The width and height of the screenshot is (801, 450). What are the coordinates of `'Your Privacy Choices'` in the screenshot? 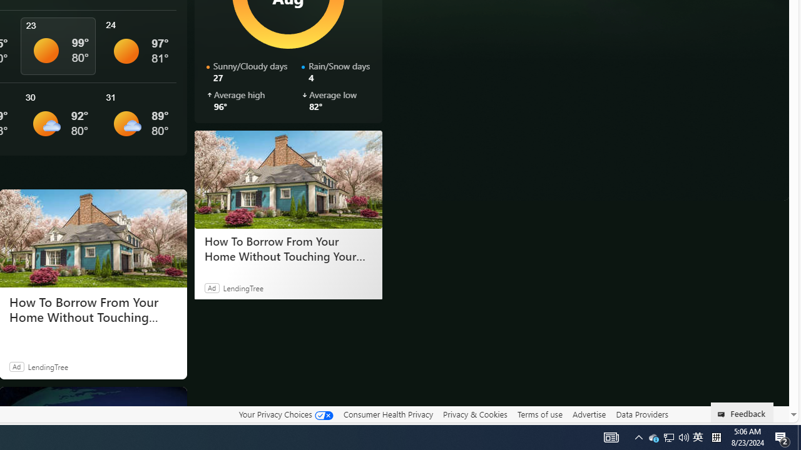 It's located at (285, 414).